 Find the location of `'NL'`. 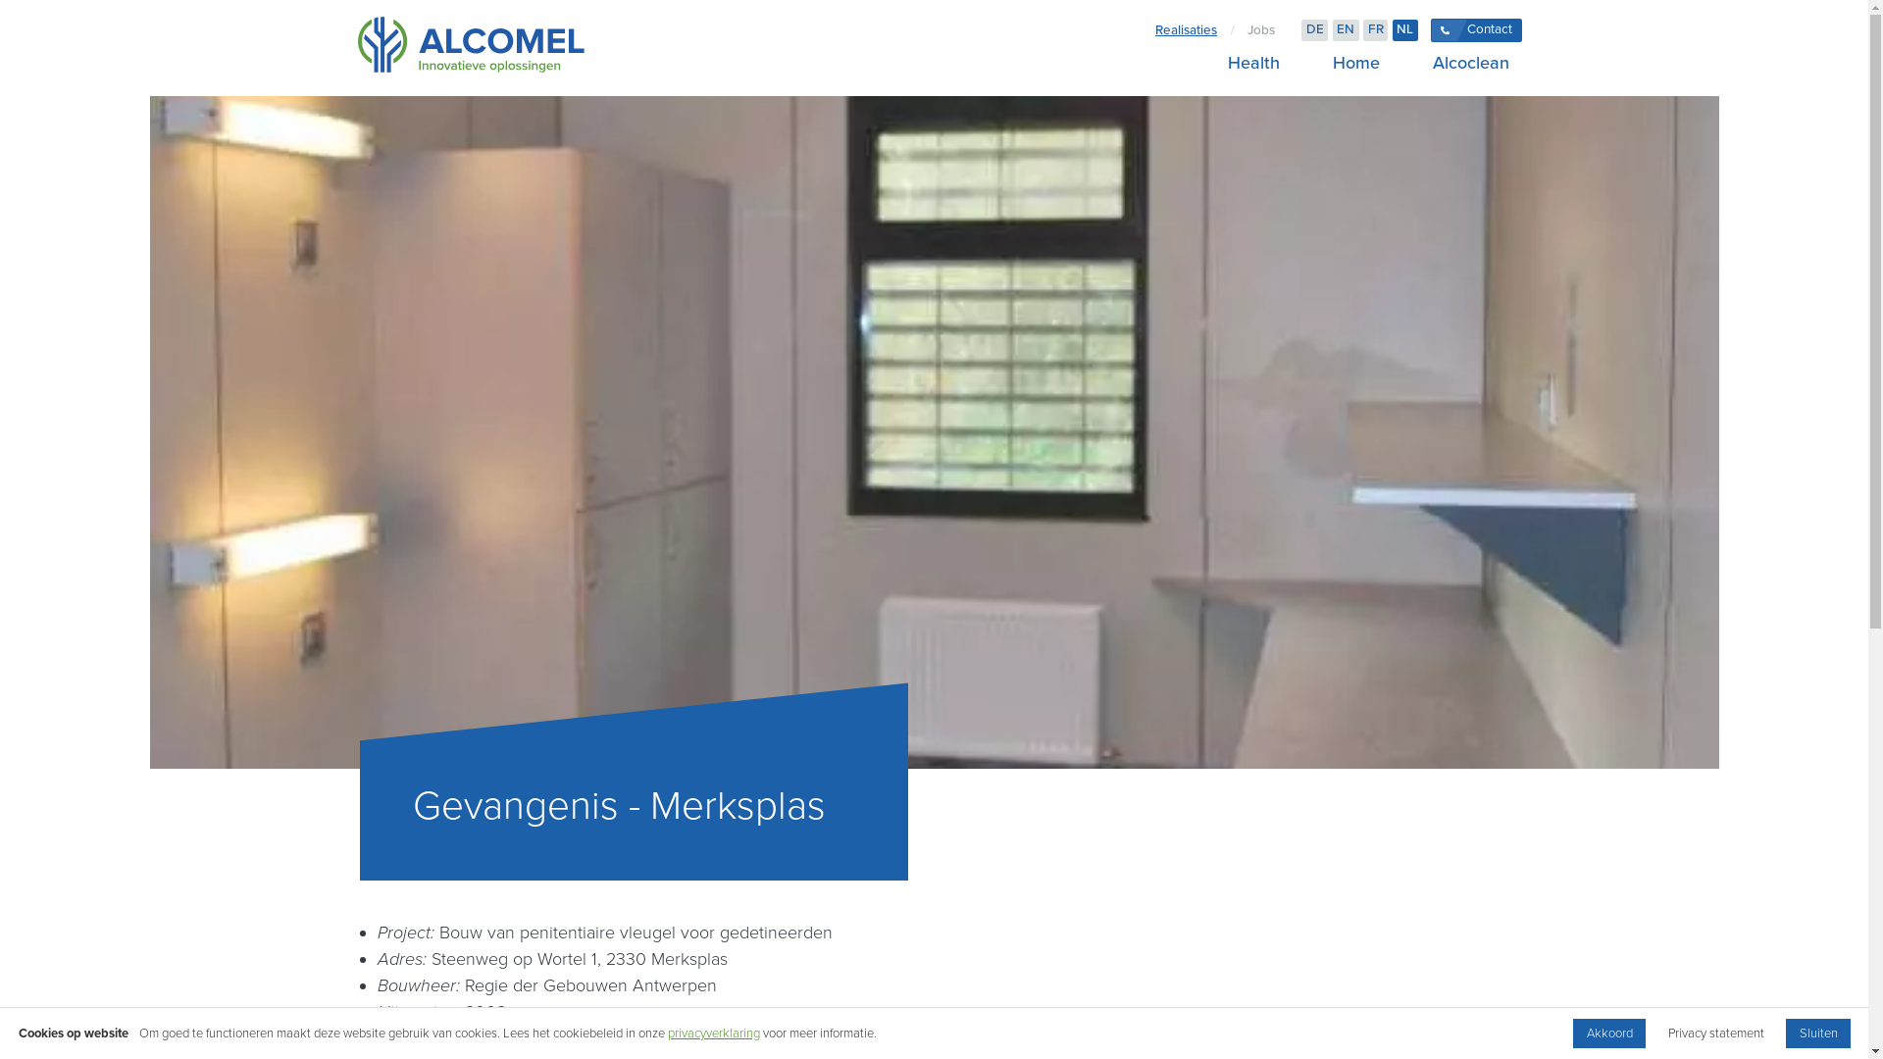

'NL' is located at coordinates (1392, 30).